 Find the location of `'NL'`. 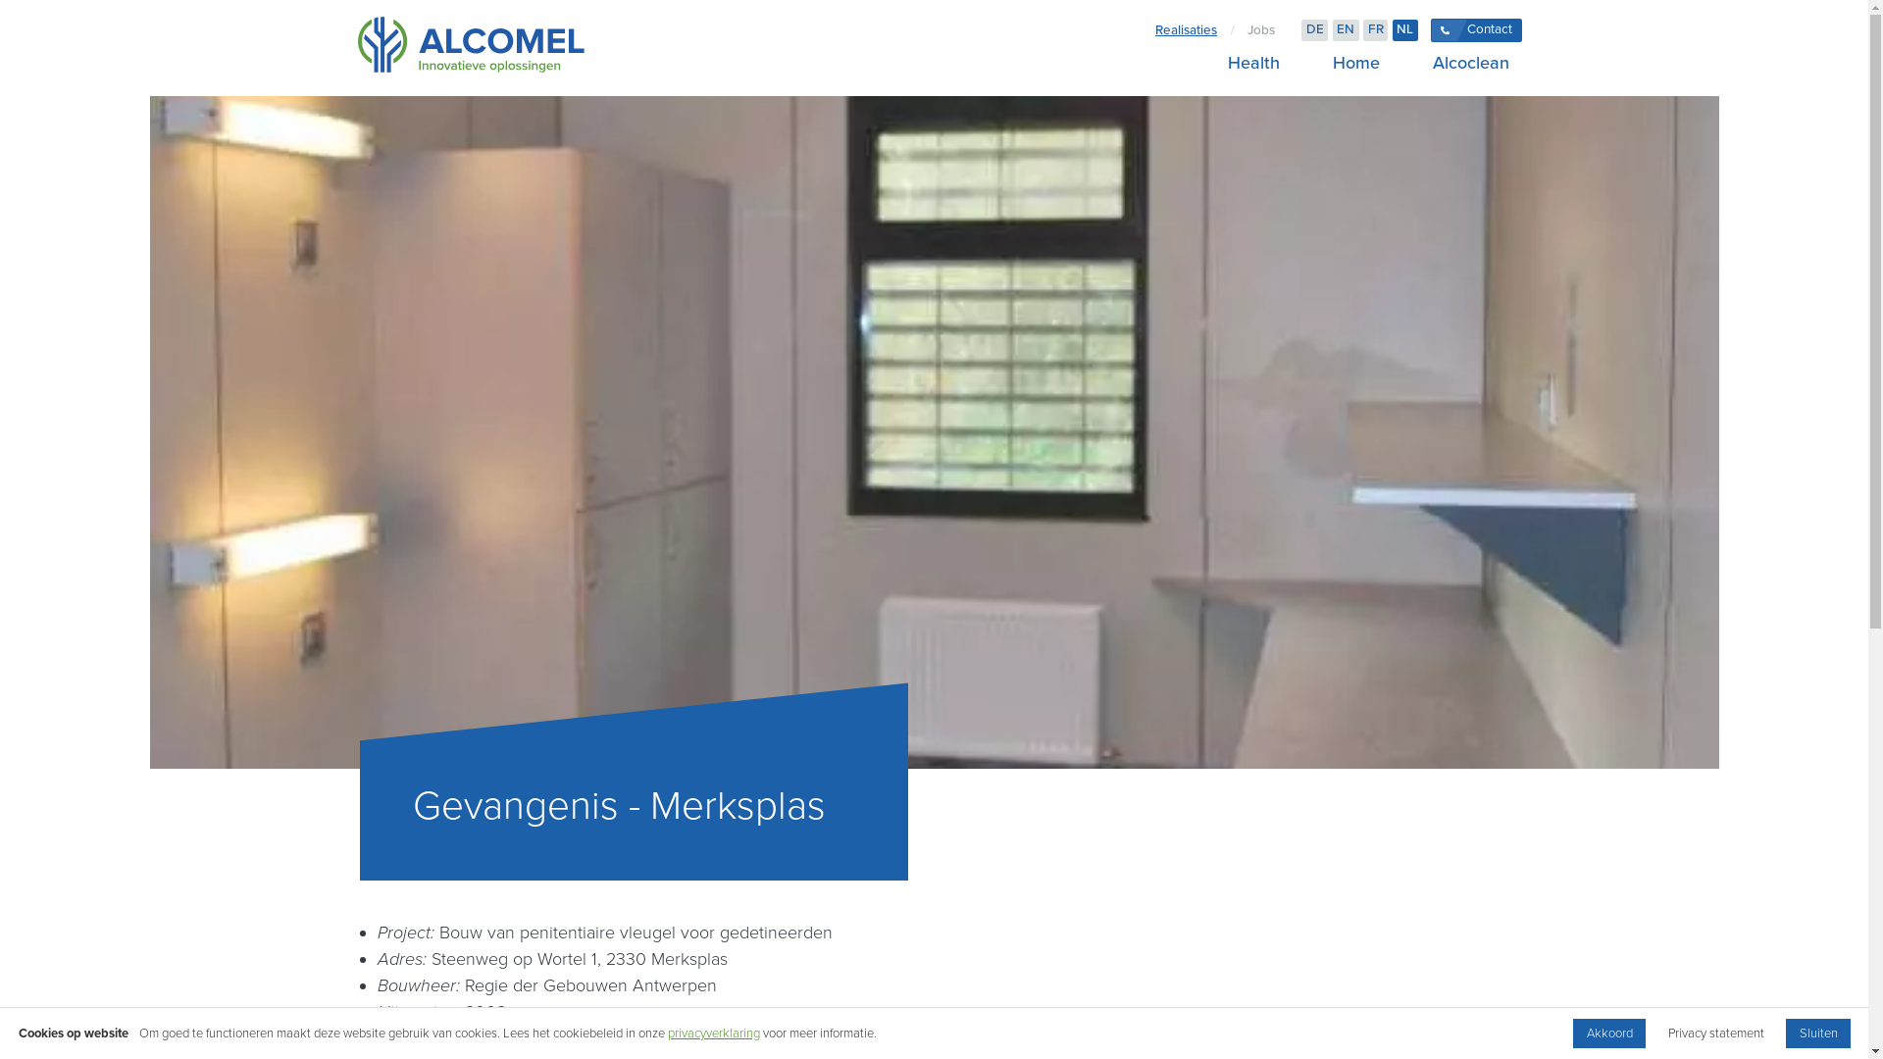

'NL' is located at coordinates (1392, 30).